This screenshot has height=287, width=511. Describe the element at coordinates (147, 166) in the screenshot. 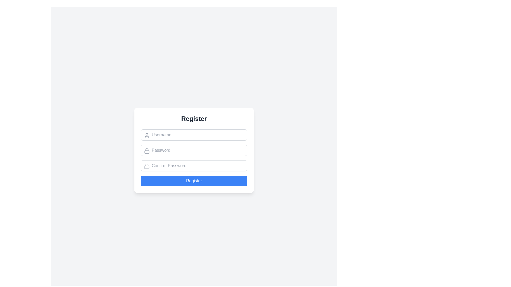

I see `the gray lock icon representing security located inside the 'Confirm Password' text input field on the registration form` at that location.